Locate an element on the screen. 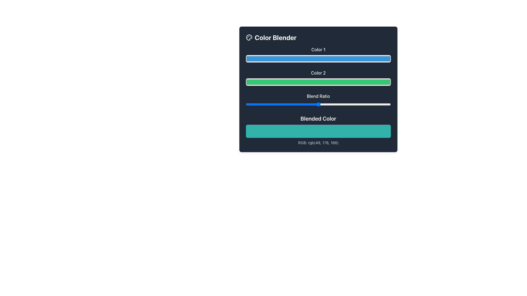  the color picker input field located centrally below the label 'Color 1' is located at coordinates (318, 59).